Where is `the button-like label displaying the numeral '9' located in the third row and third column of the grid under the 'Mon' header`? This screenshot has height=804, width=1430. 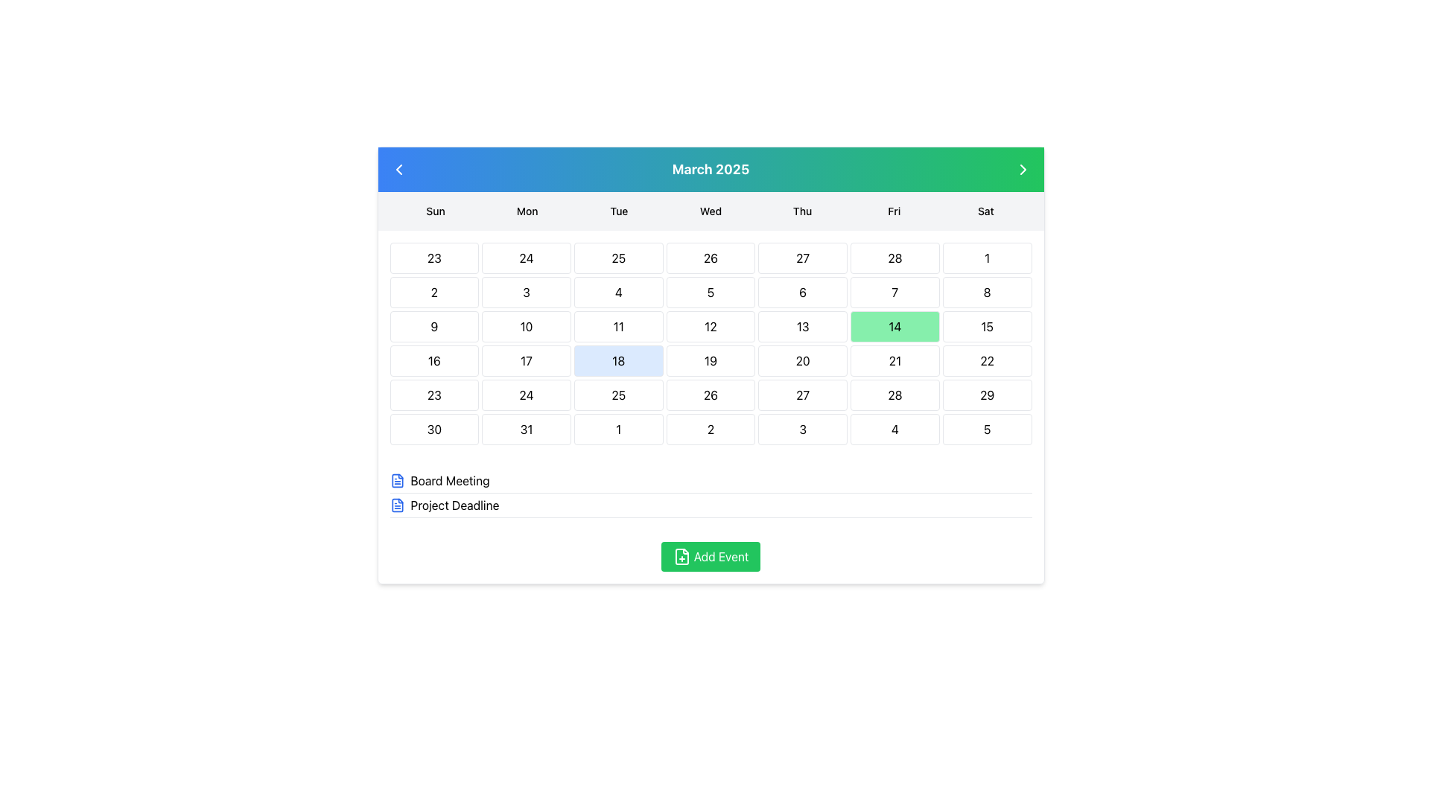 the button-like label displaying the numeral '9' located in the third row and third column of the grid under the 'Mon' header is located at coordinates (433, 326).